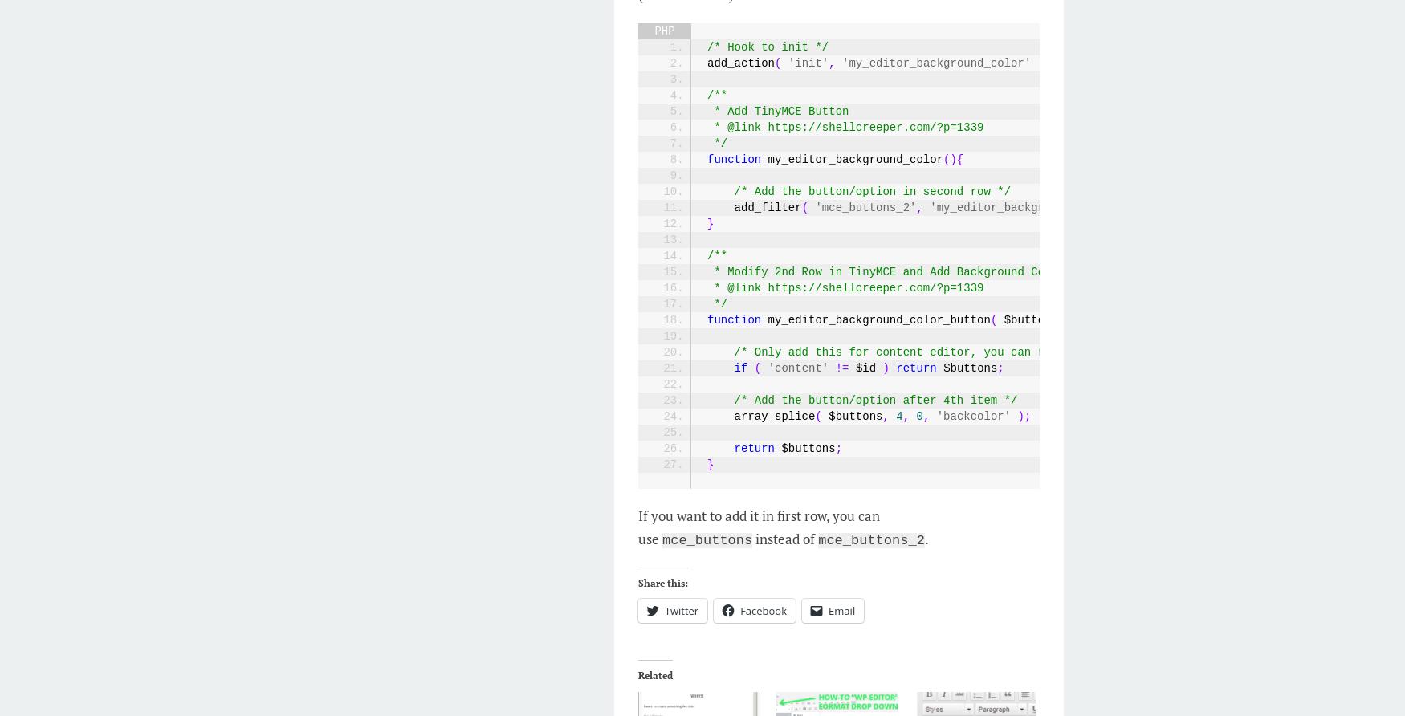 This screenshot has width=1405, height=716. Describe the element at coordinates (760, 416) in the screenshot. I see `'array_splice'` at that location.